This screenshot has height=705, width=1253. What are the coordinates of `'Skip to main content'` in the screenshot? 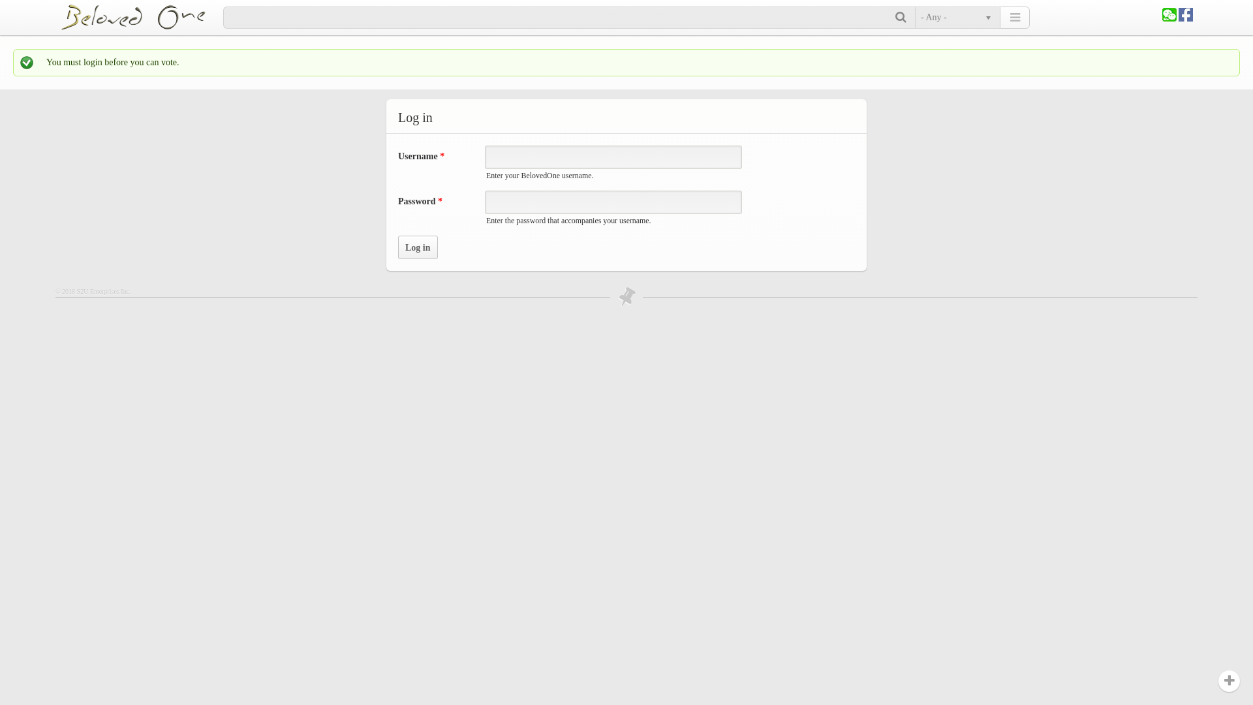 It's located at (37, 0).